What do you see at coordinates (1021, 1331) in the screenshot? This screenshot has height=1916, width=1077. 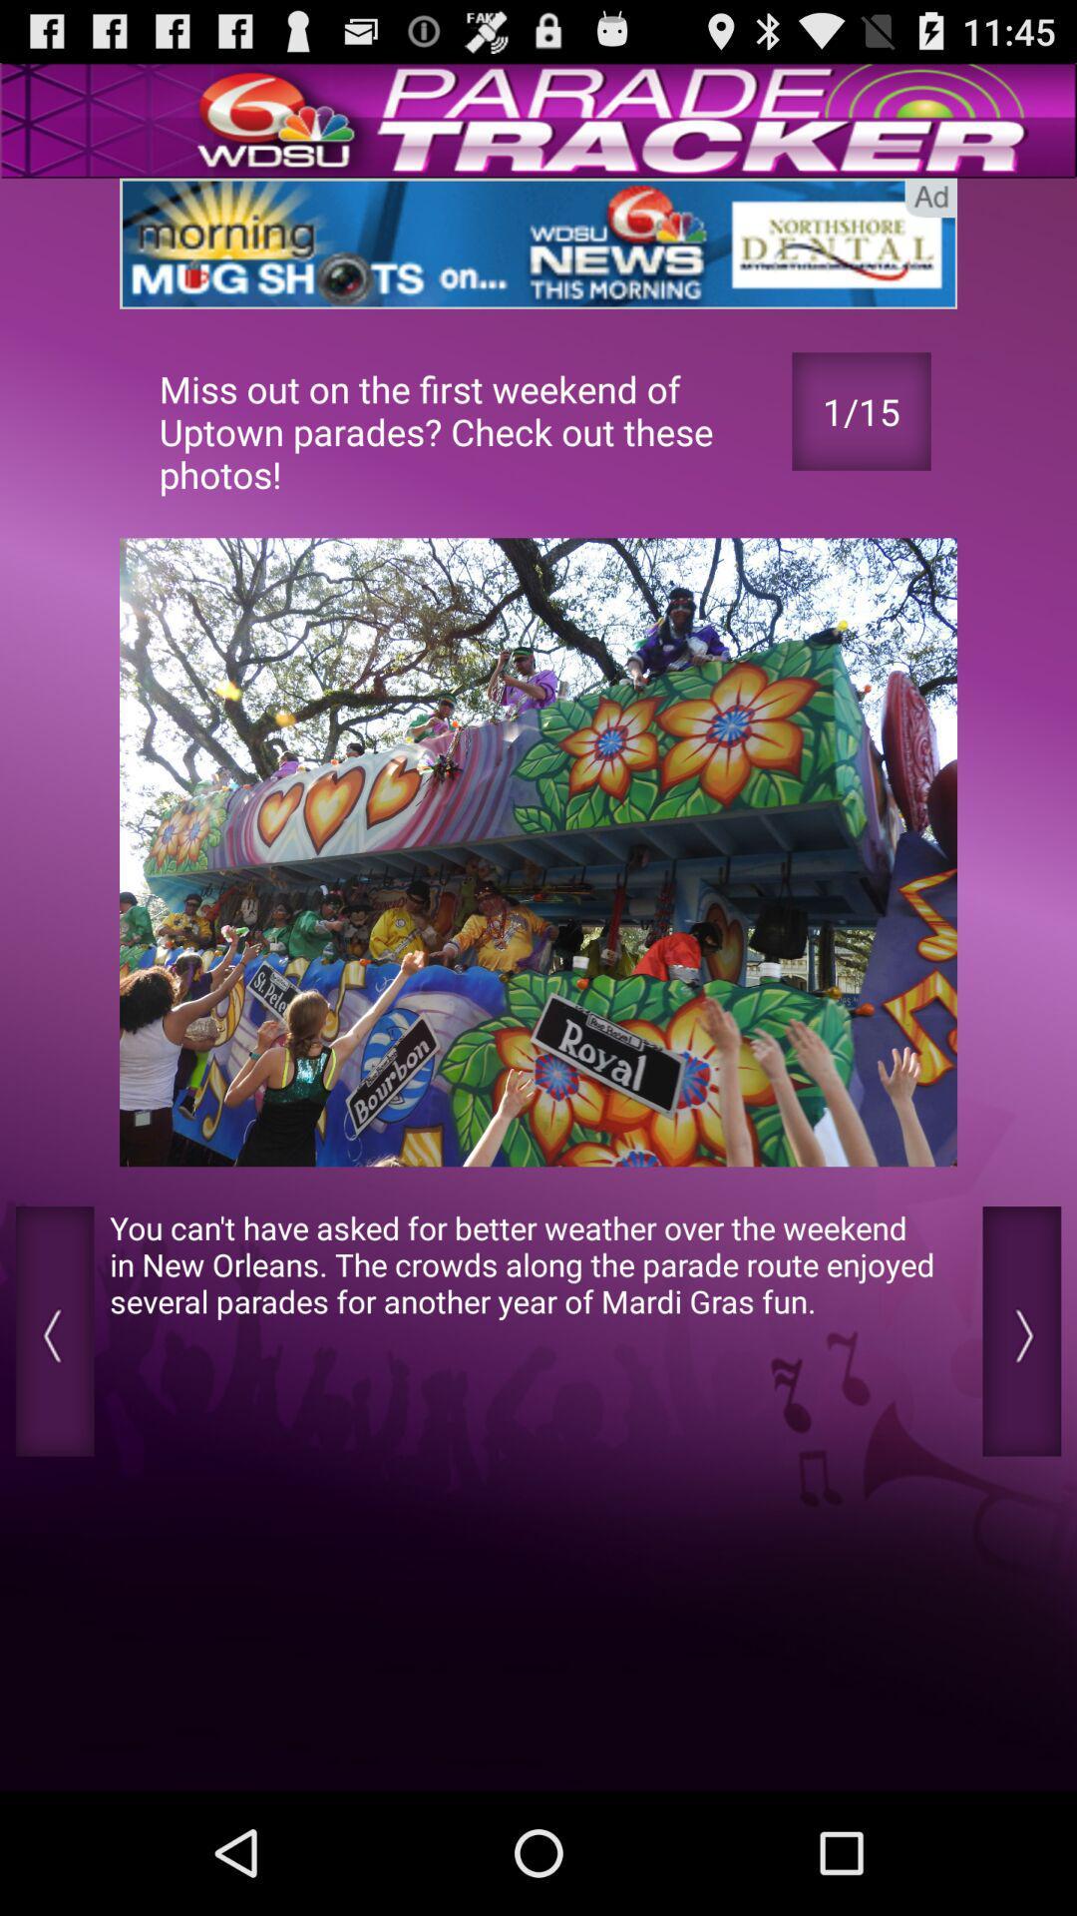 I see `next` at bounding box center [1021, 1331].